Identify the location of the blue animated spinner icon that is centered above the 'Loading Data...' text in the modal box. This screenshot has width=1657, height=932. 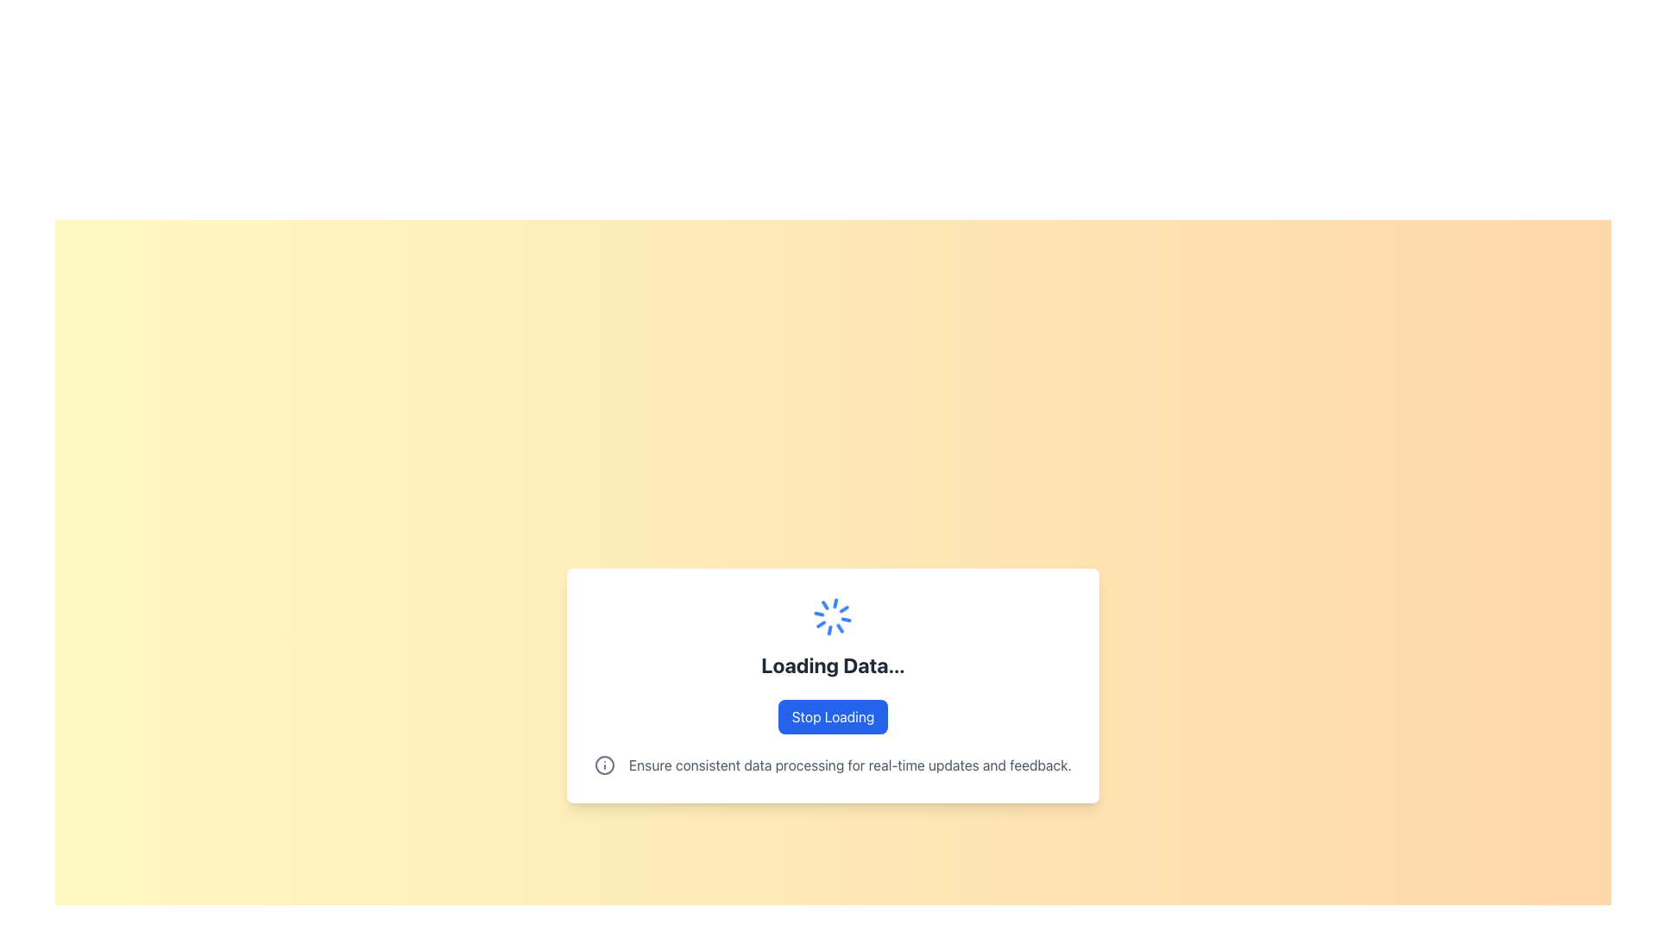
(833, 615).